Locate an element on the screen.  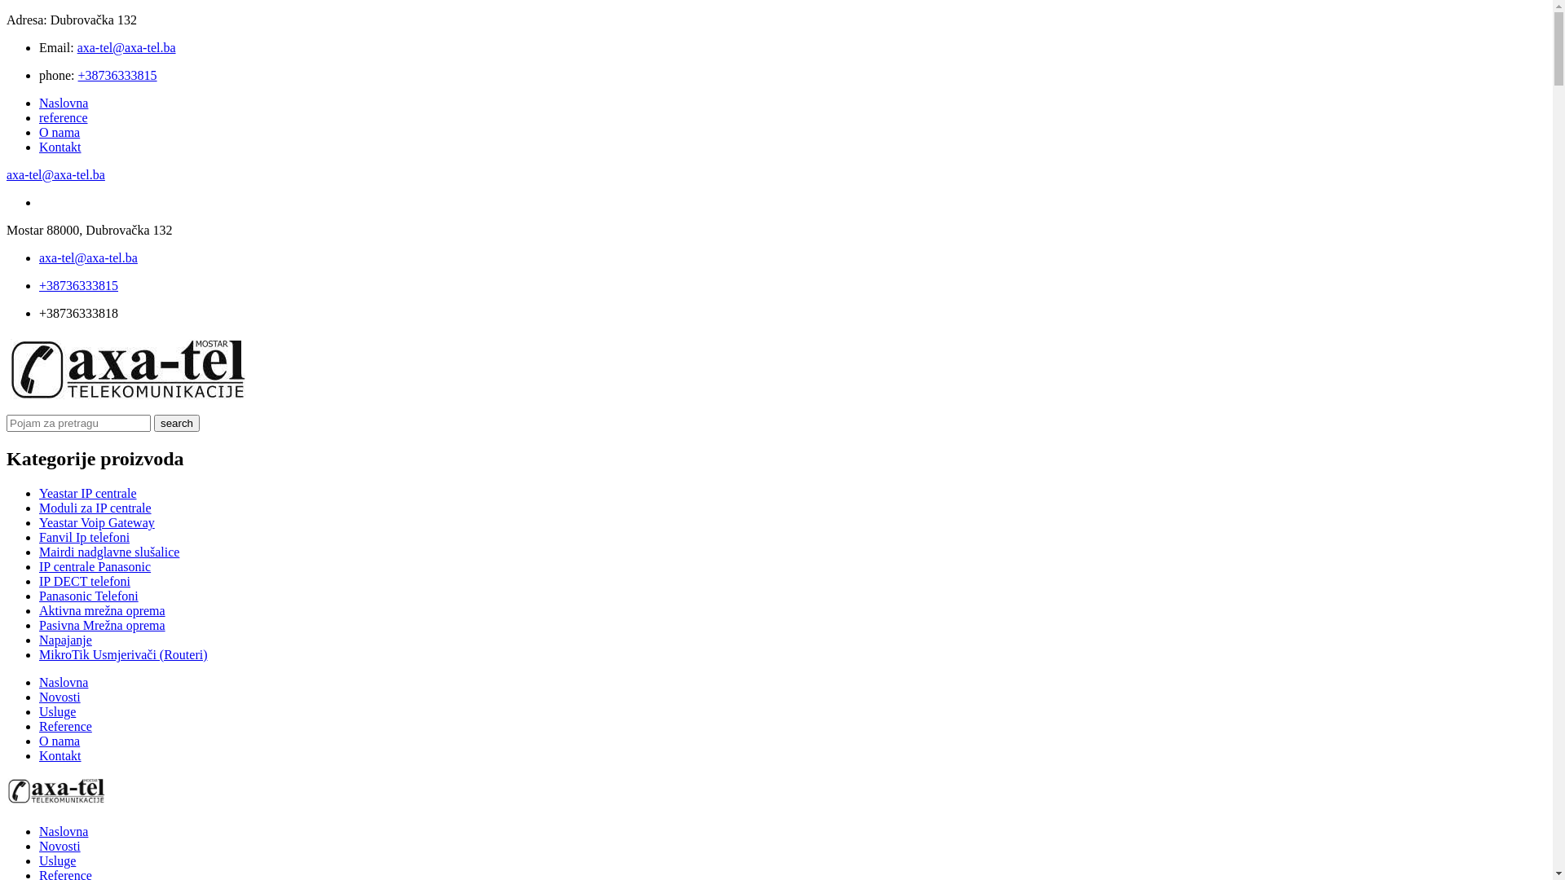
'axa-tel@axa-tel.ba' is located at coordinates (126, 46).